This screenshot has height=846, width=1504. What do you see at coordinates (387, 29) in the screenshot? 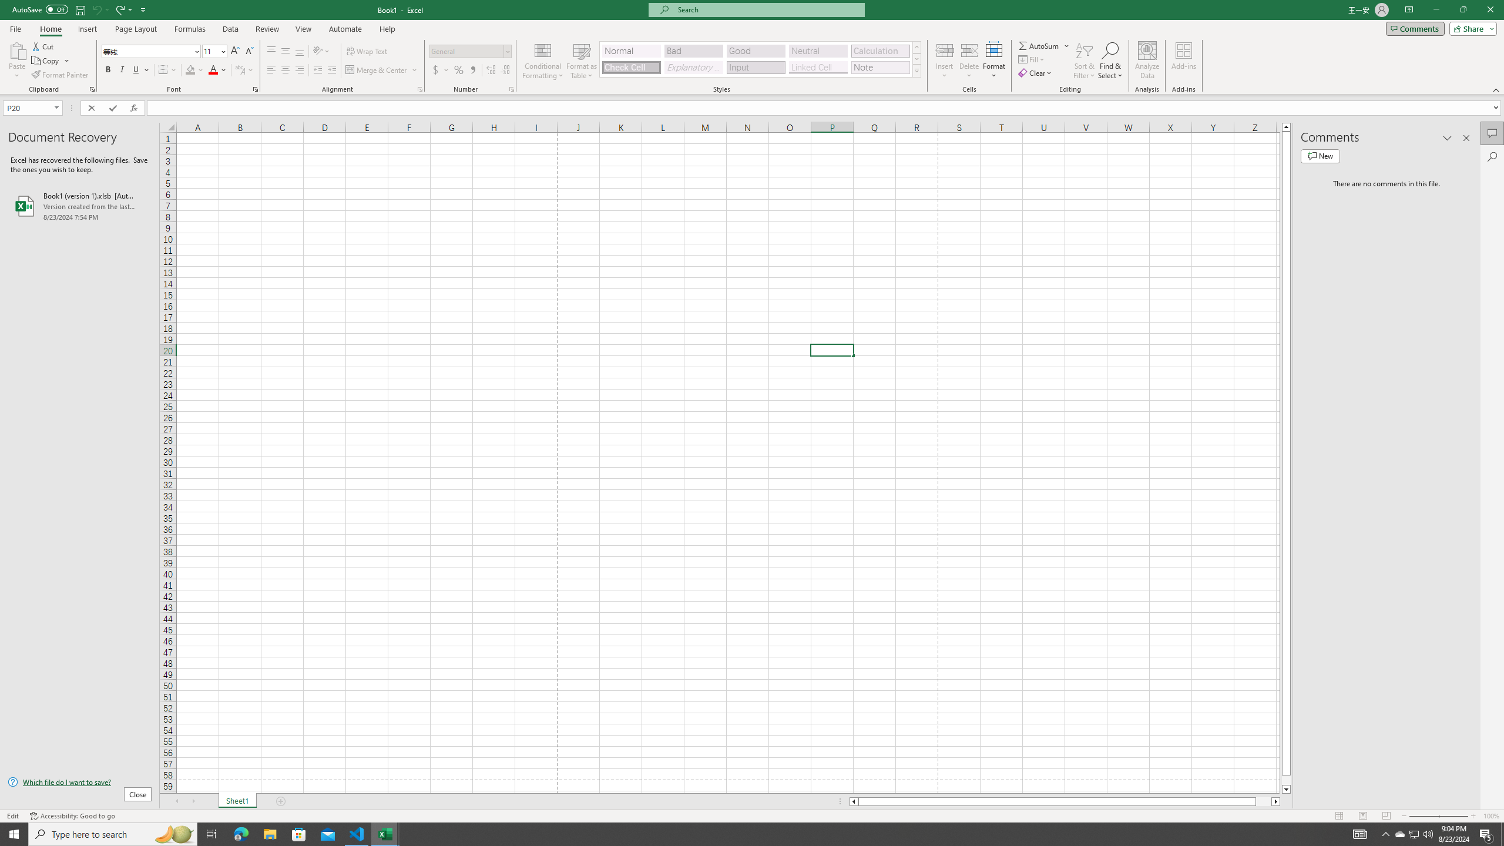
I see `'Help'` at bounding box center [387, 29].